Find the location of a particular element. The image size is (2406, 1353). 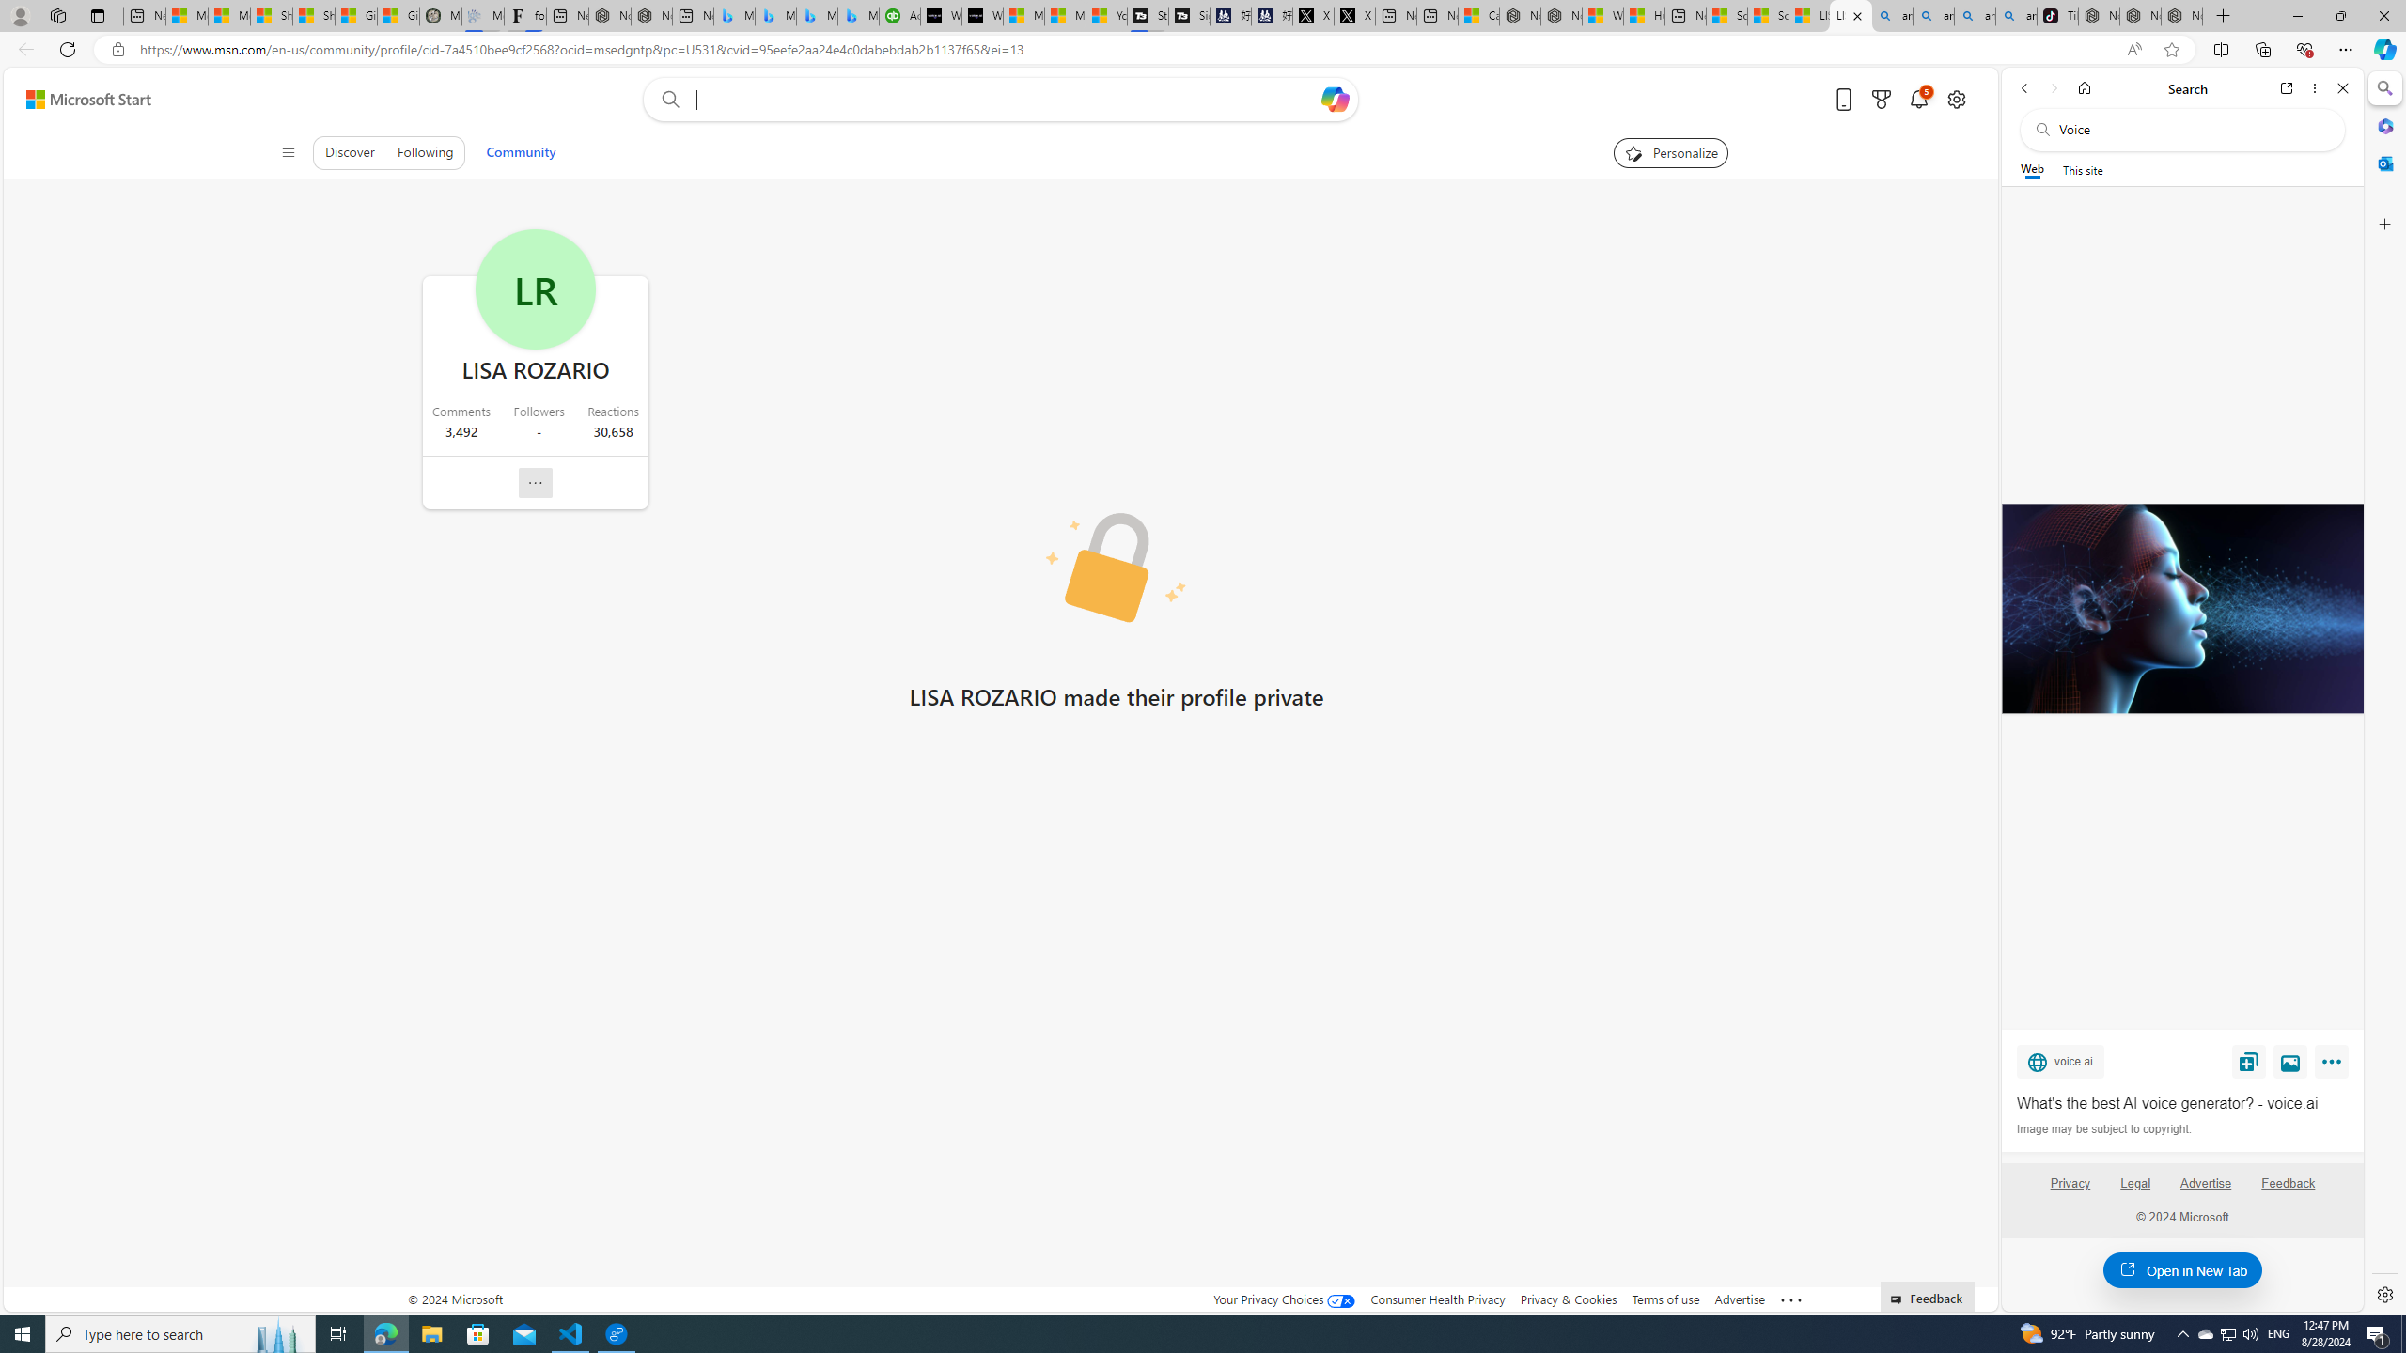

'More options' is located at coordinates (2315, 87).